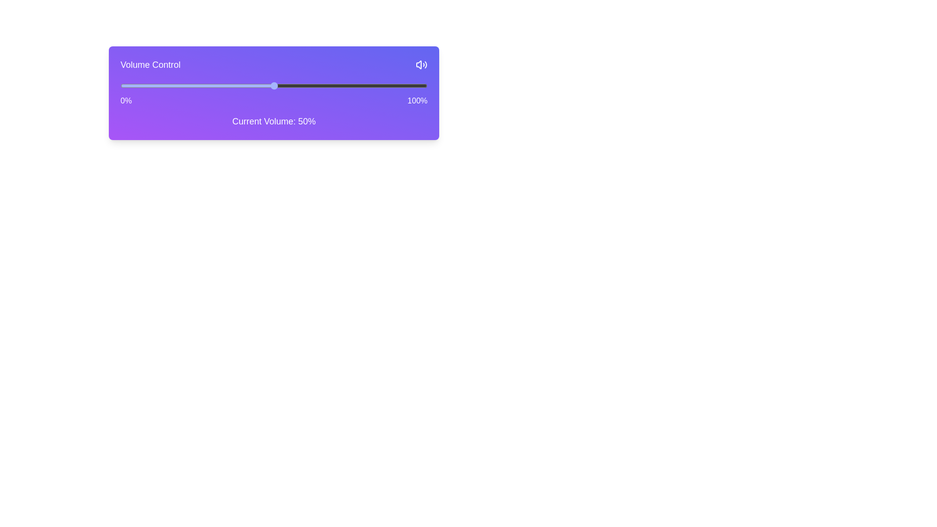  What do you see at coordinates (400, 85) in the screenshot?
I see `volume level` at bounding box center [400, 85].